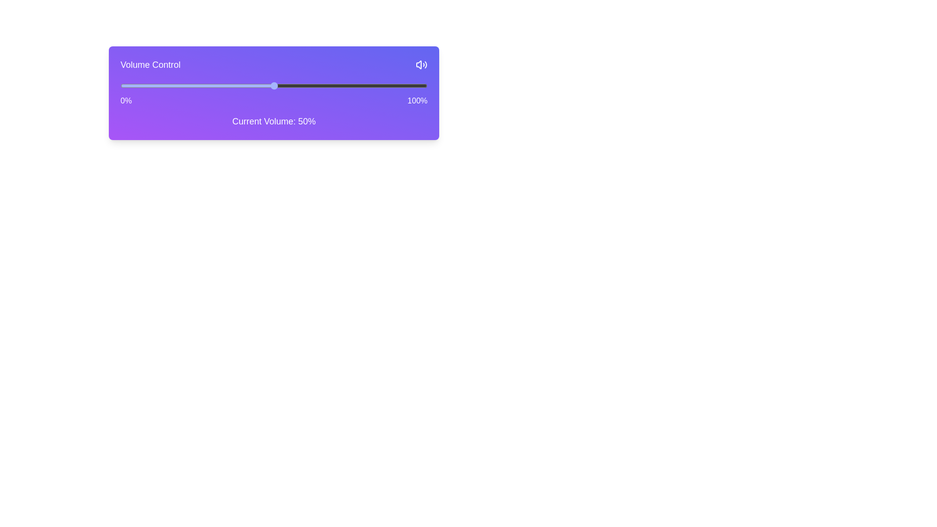  What do you see at coordinates (400, 85) in the screenshot?
I see `volume level` at bounding box center [400, 85].